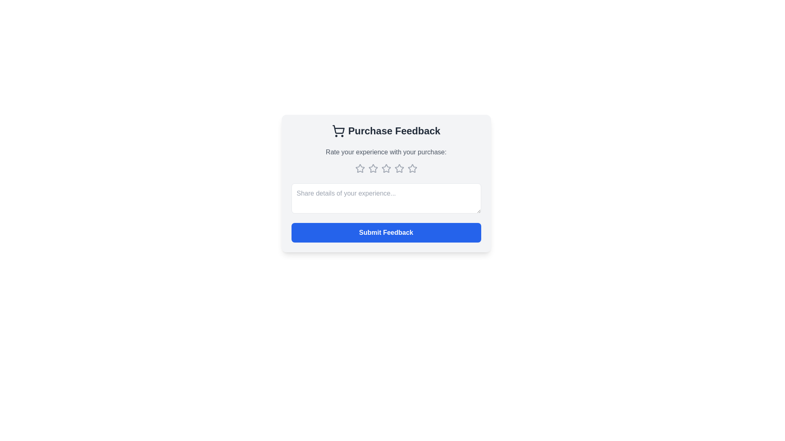 The height and width of the screenshot is (441, 785). What do you see at coordinates (359, 168) in the screenshot?
I see `the first star icon representing the rating option` at bounding box center [359, 168].